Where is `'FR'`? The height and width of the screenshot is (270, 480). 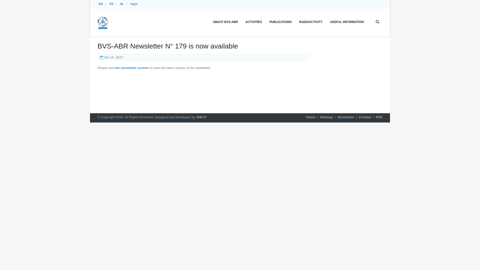 'FR' is located at coordinates (112, 4).